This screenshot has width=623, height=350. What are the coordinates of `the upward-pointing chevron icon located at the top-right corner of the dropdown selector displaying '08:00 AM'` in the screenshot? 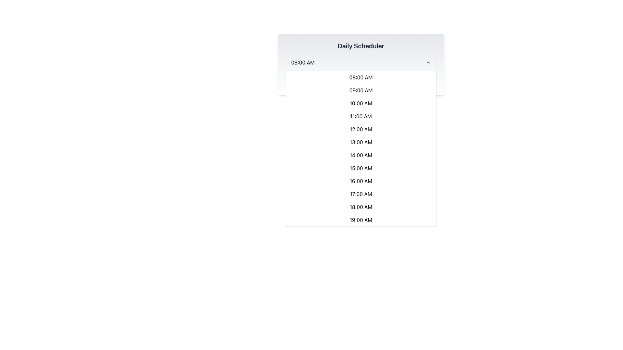 It's located at (428, 62).